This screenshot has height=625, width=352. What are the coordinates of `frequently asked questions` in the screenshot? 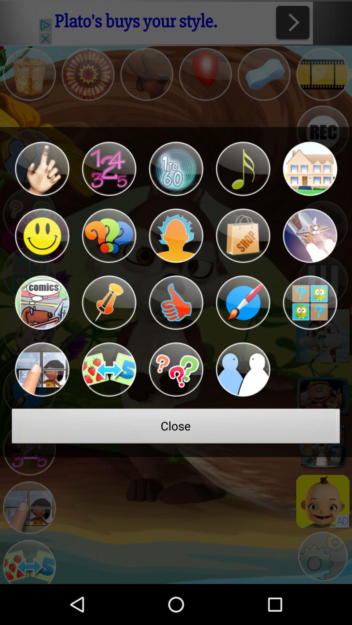 It's located at (176, 369).